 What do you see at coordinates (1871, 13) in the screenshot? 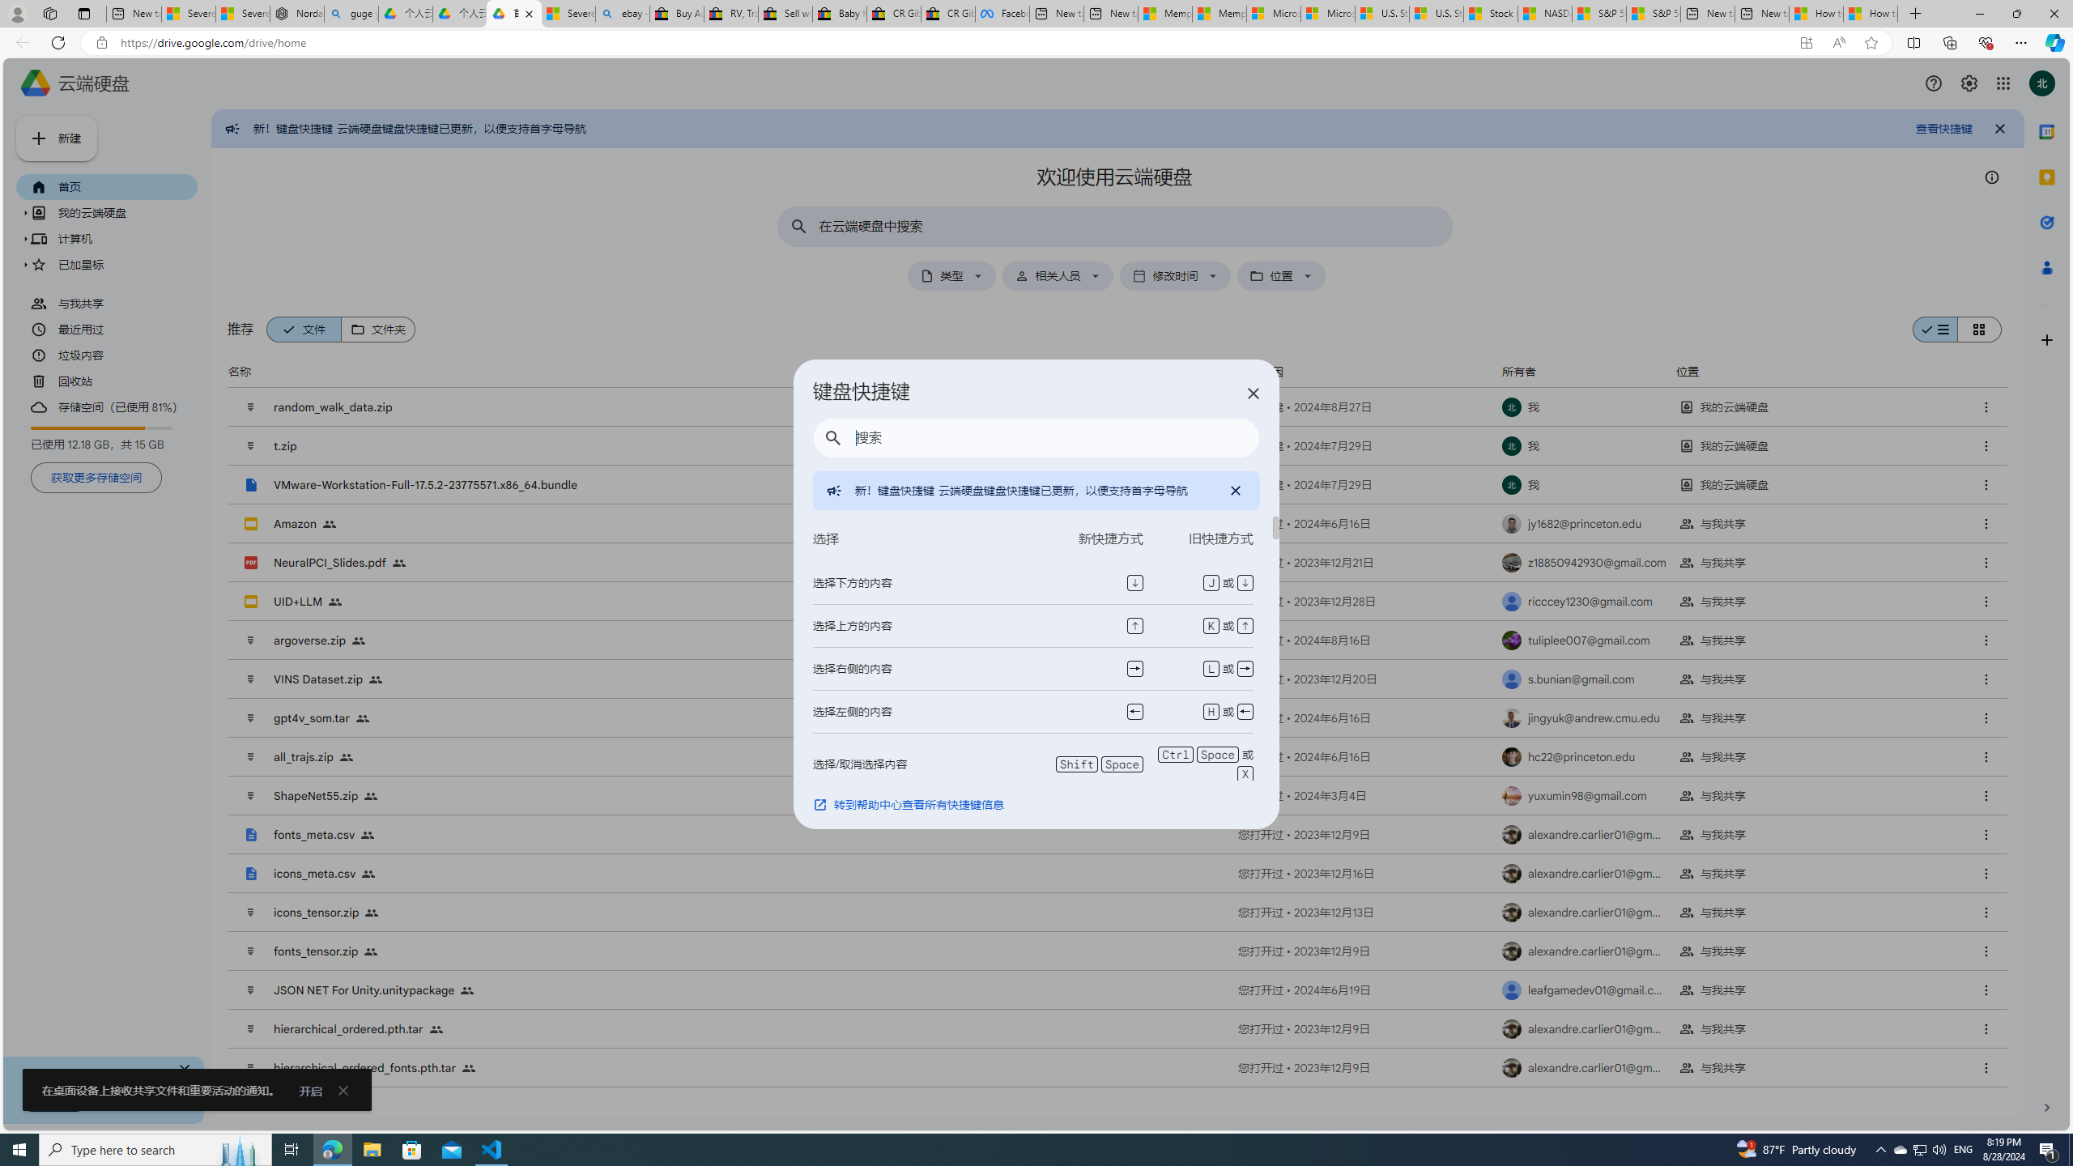
I see `'How to Use a Monitor With Your Closed Laptop'` at bounding box center [1871, 13].